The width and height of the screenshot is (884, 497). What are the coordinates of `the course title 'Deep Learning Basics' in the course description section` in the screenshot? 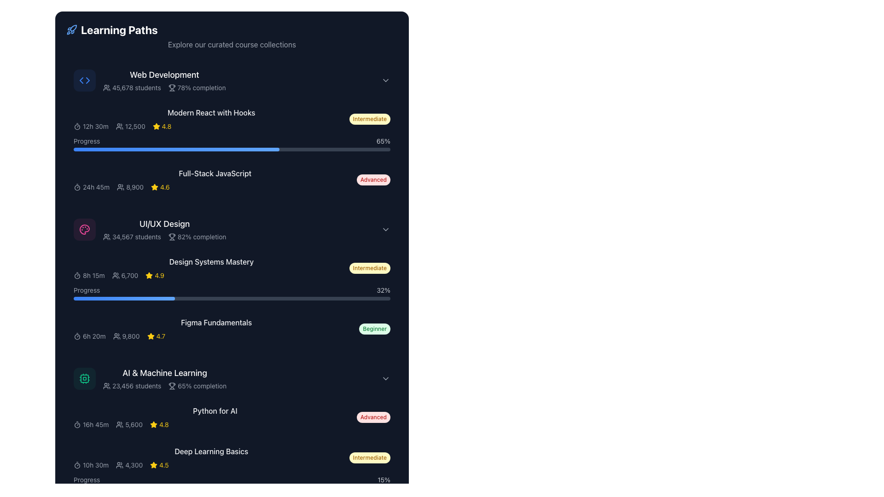 It's located at (232, 458).